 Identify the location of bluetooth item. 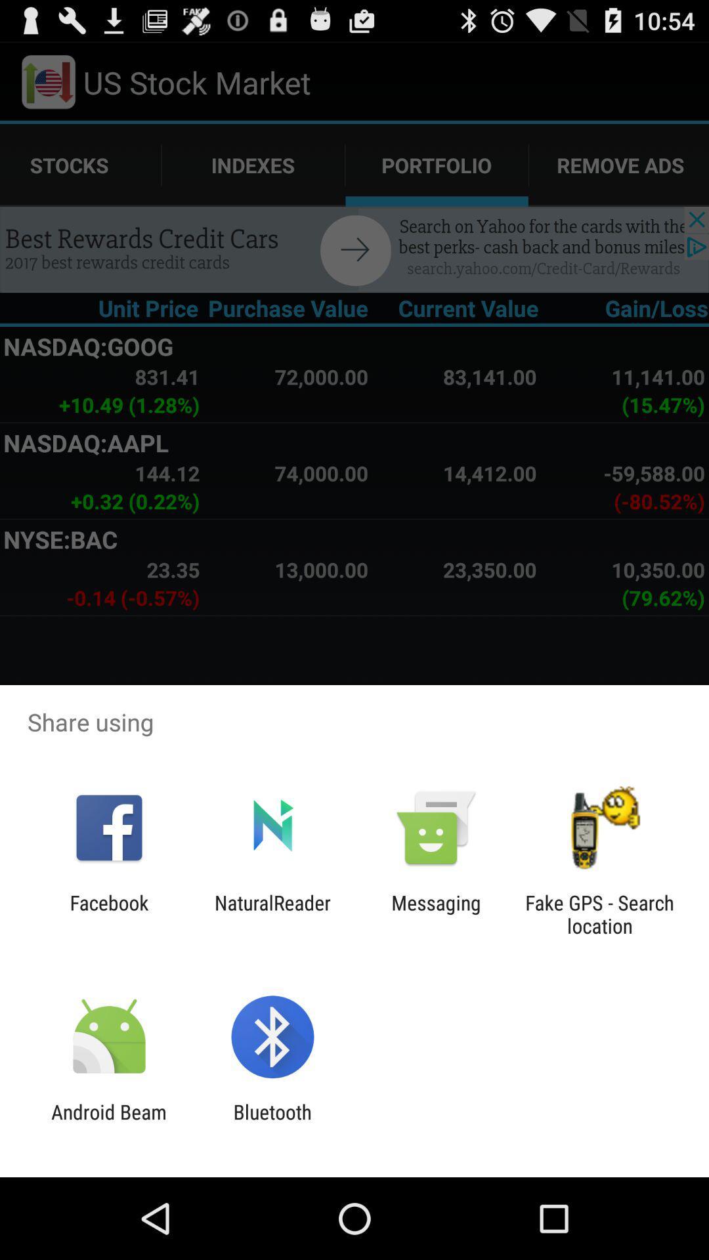
(272, 1123).